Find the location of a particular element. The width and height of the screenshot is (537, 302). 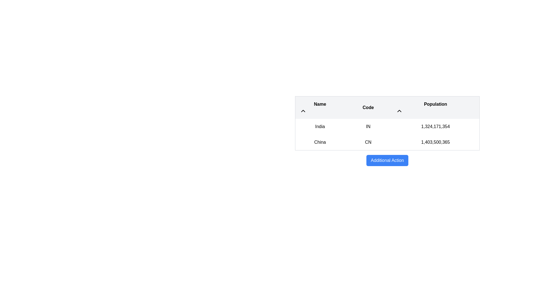

the Chevron icon button located in the 'Name' column header is located at coordinates (303, 111).